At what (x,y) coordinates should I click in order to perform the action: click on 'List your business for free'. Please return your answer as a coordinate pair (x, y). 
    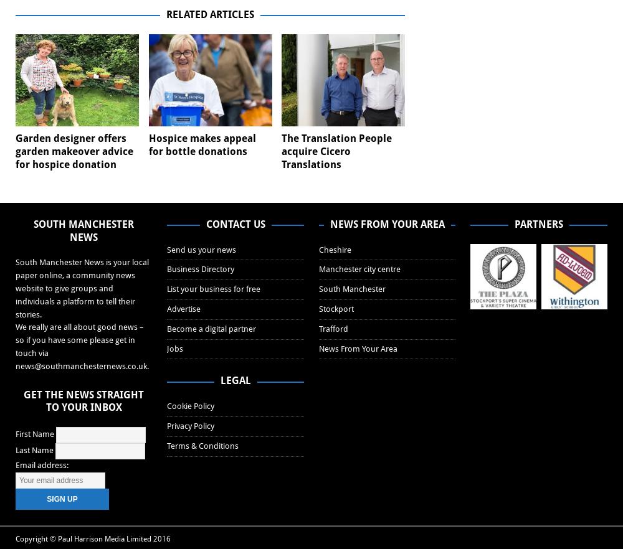
    Looking at the image, I should click on (213, 289).